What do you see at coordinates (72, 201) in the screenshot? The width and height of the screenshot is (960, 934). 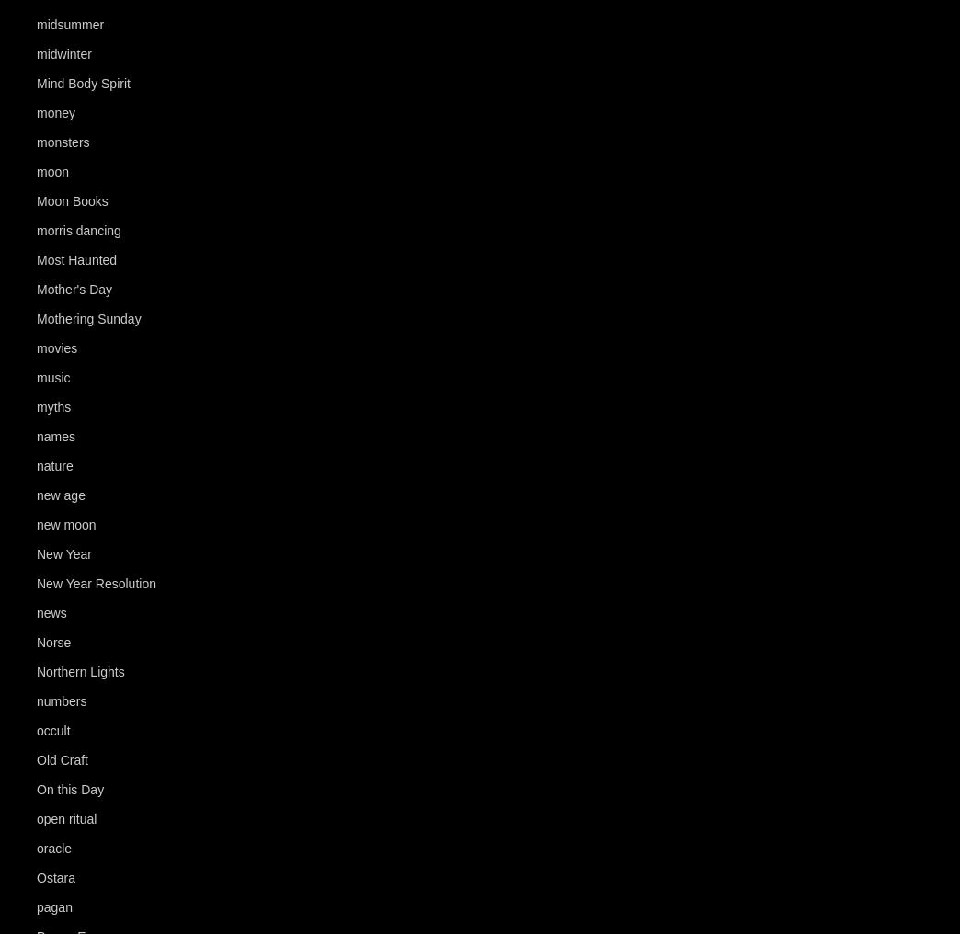 I see `'Moon Books'` at bounding box center [72, 201].